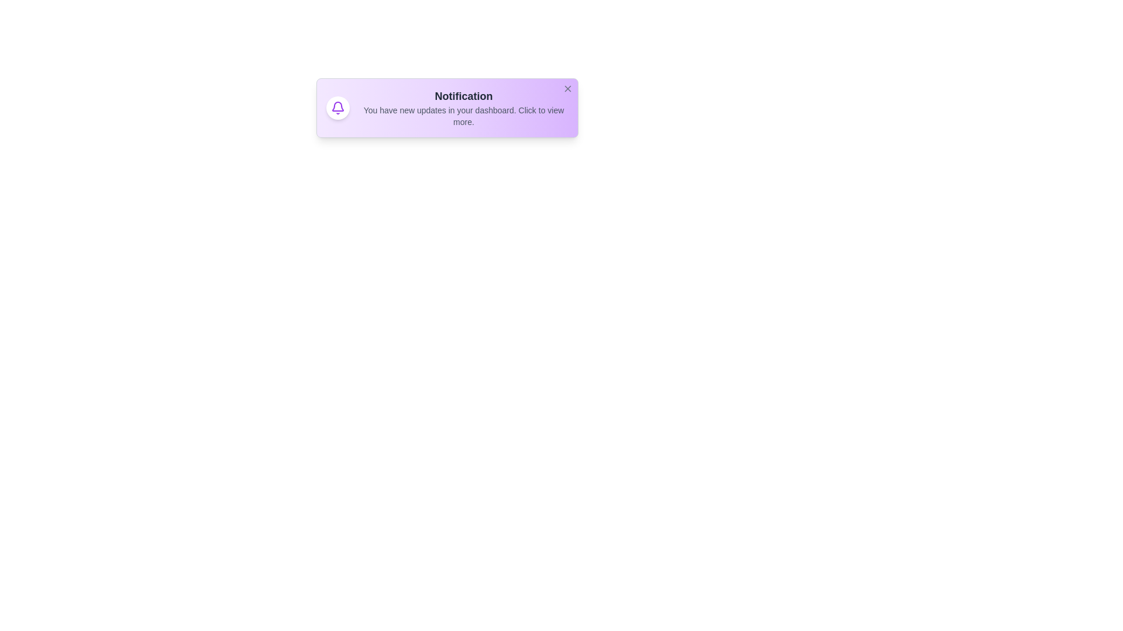  Describe the element at coordinates (463, 116) in the screenshot. I see `the notification message text that informs the user of updates, located below the 'Notification' text and to the right of a bell icon` at that location.